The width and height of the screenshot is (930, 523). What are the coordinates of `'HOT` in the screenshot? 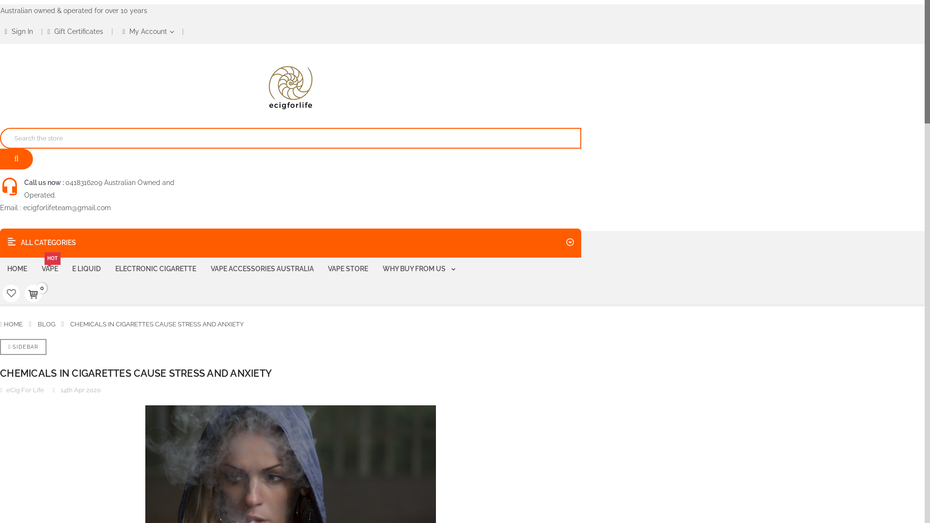 It's located at (49, 269).